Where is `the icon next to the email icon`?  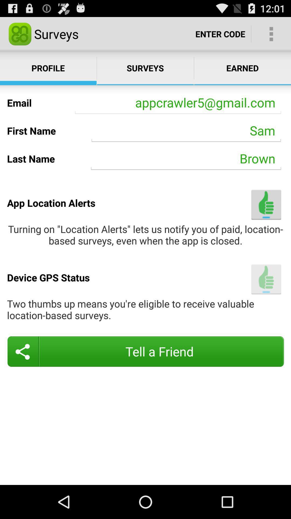
the icon next to the email icon is located at coordinates (178, 103).